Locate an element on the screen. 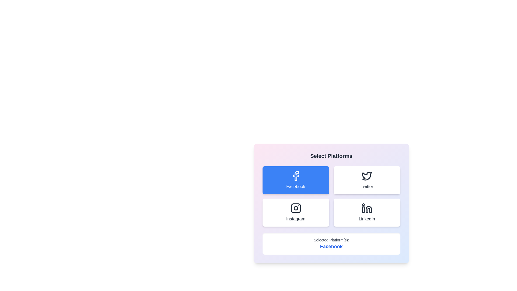 This screenshot has height=291, width=517. the button corresponding to Instagram is located at coordinates (295, 212).